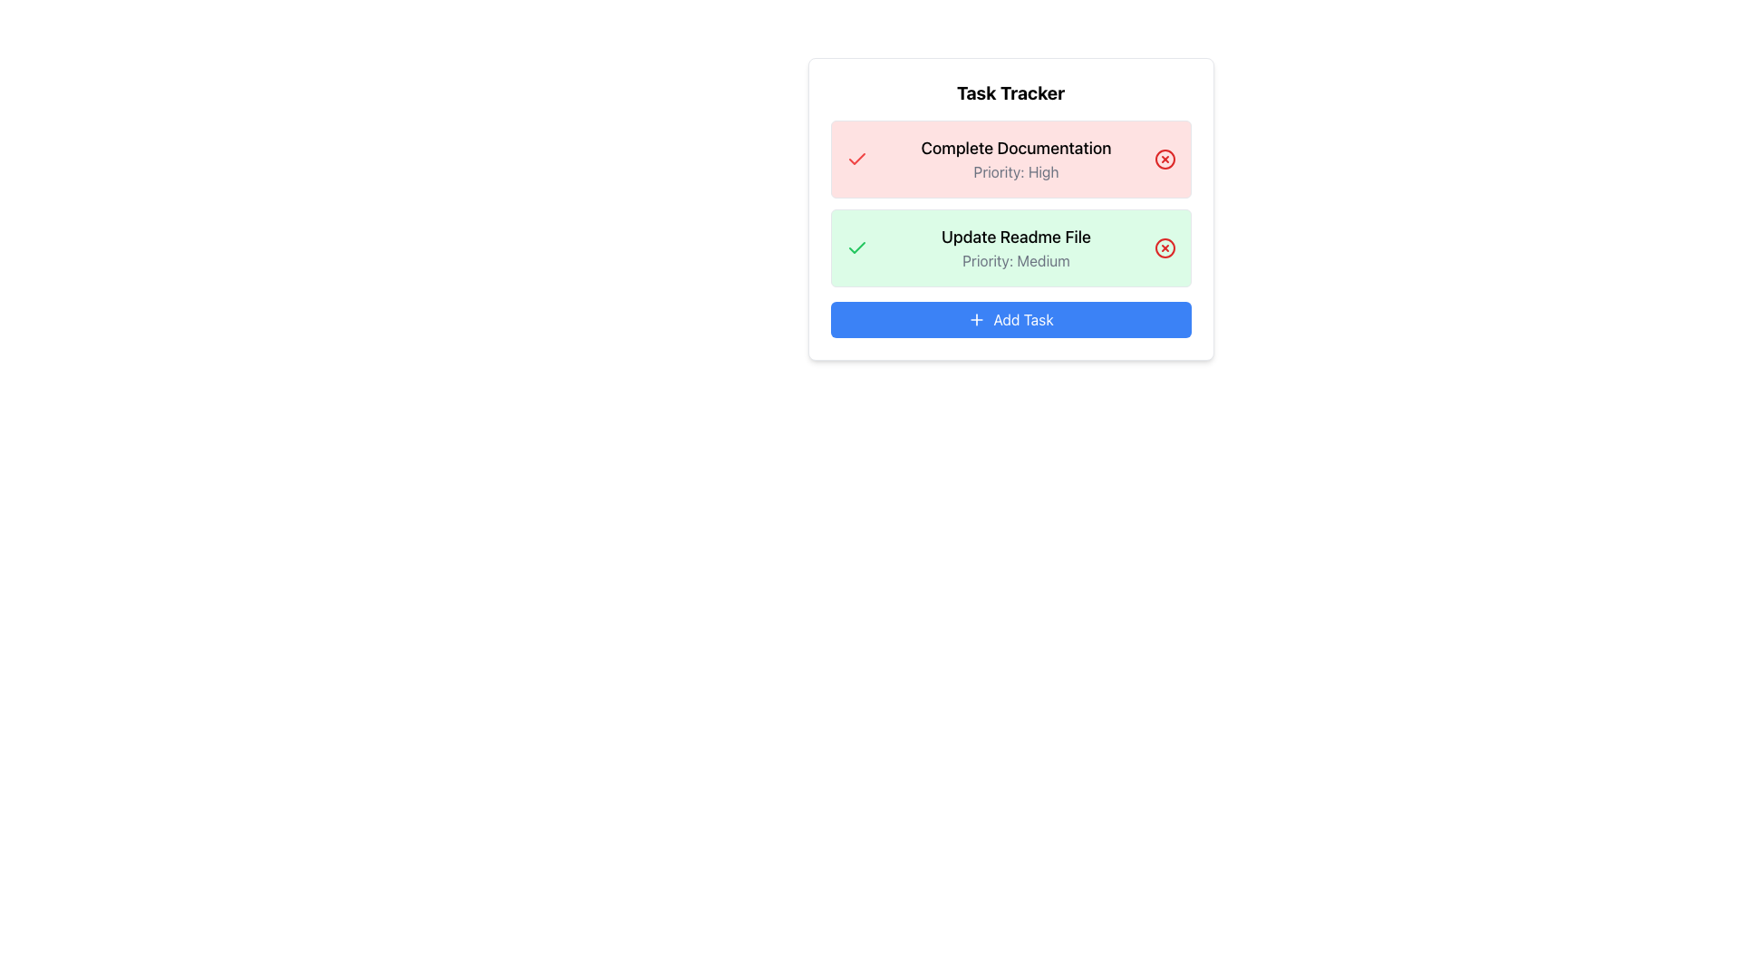  What do you see at coordinates (1016, 159) in the screenshot?
I see `the text field that displays the title and priority level of a task, located at the top of the task list, just above the 'Update Readme File' task` at bounding box center [1016, 159].